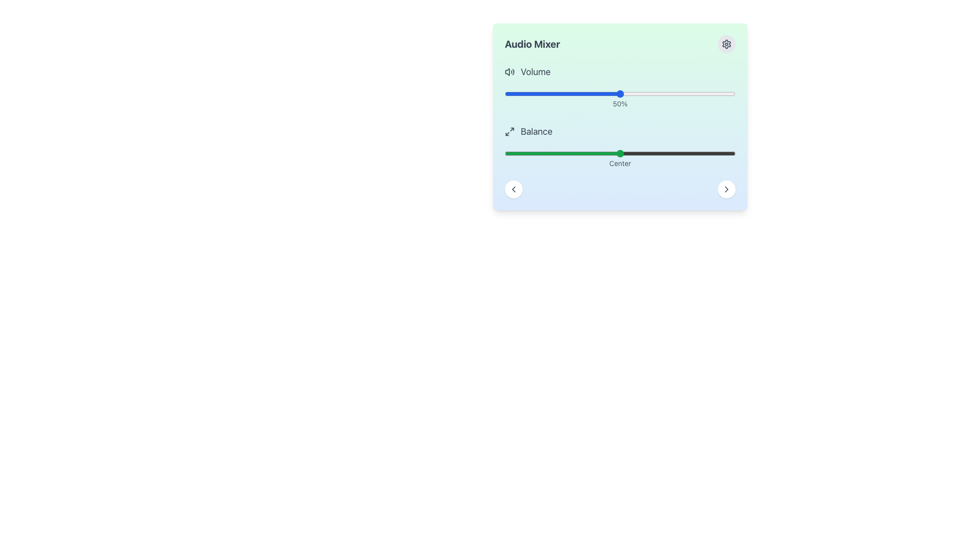  What do you see at coordinates (620, 189) in the screenshot?
I see `the Navigation control bar at the bottom of the 'Audio Mixer' interface` at bounding box center [620, 189].